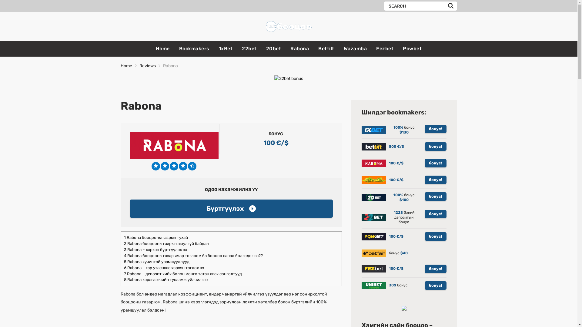 The width and height of the screenshot is (582, 327). Describe the element at coordinates (121, 66) in the screenshot. I see `'Home'` at that location.